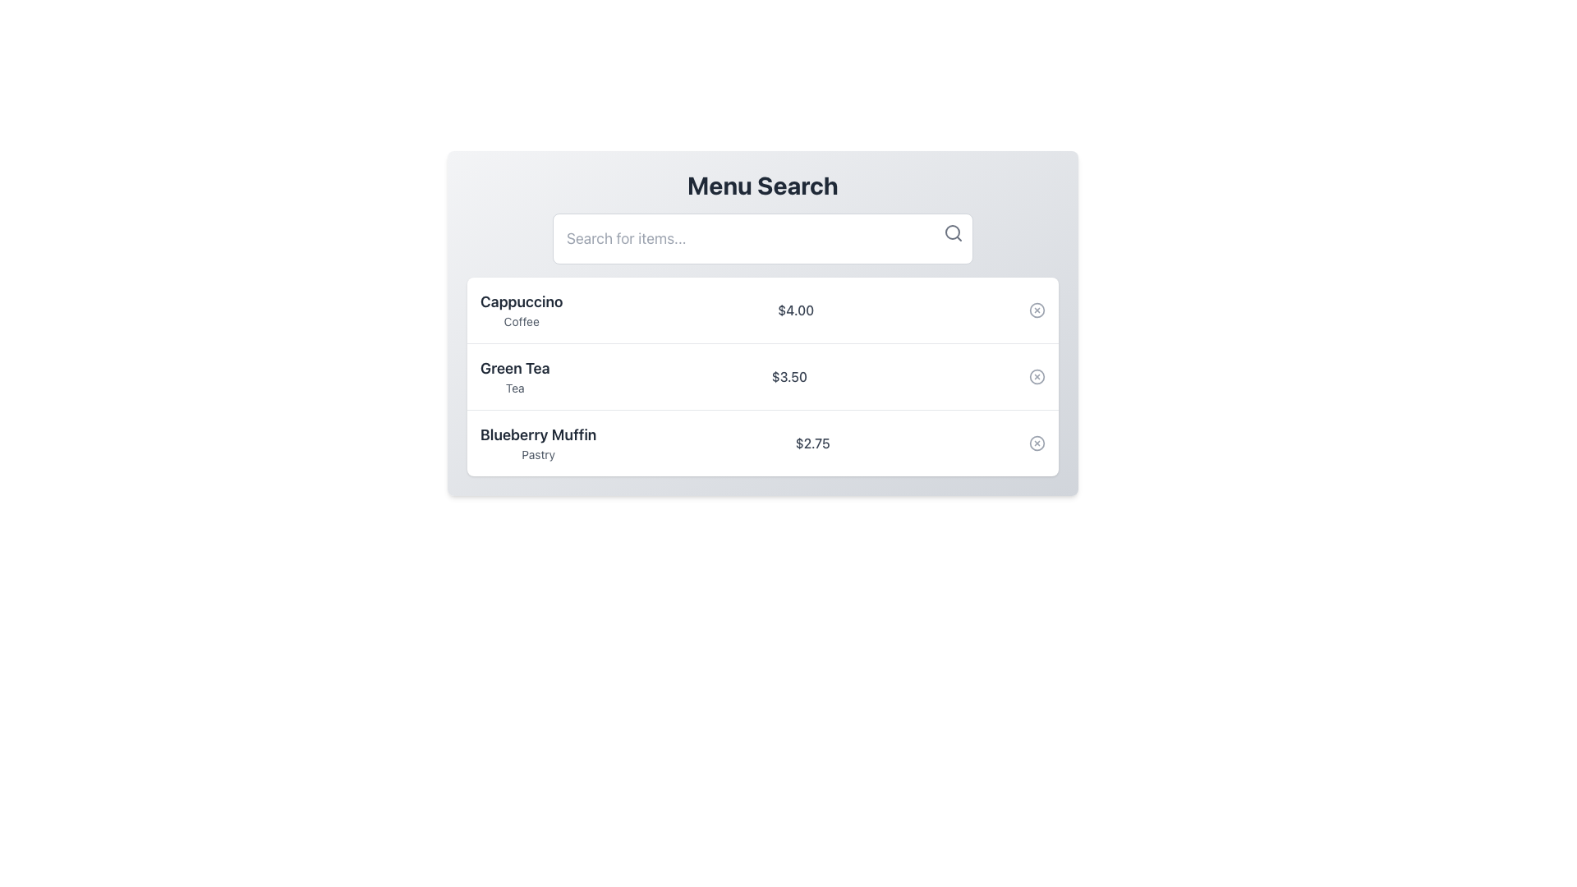  Describe the element at coordinates (762, 377) in the screenshot. I see `the second menu item in the list under 'Menu Search'` at that location.